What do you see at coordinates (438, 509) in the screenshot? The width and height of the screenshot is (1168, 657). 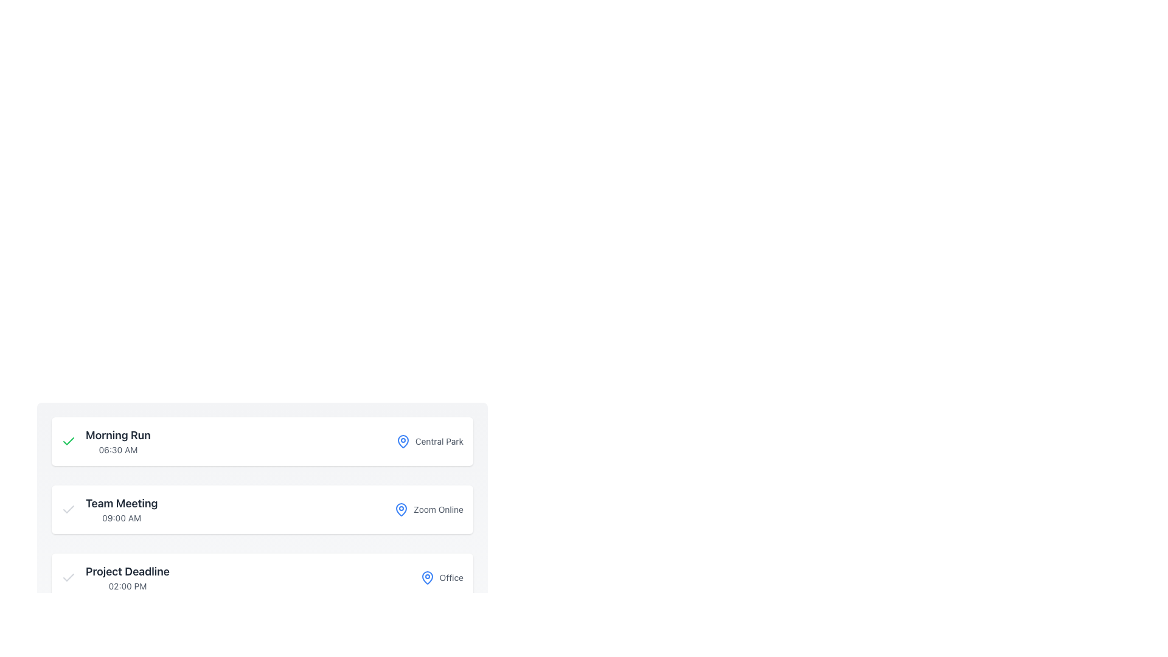 I see `the 'Zoom Online' text label, which is styled in a small, gray font and is part of the meeting's location details, located in the middle of the interface` at bounding box center [438, 509].